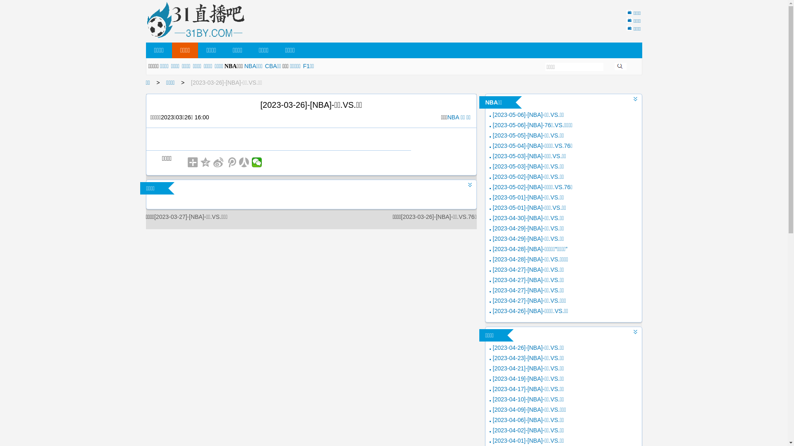 The image size is (794, 446). I want to click on 'NBA', so click(453, 117).